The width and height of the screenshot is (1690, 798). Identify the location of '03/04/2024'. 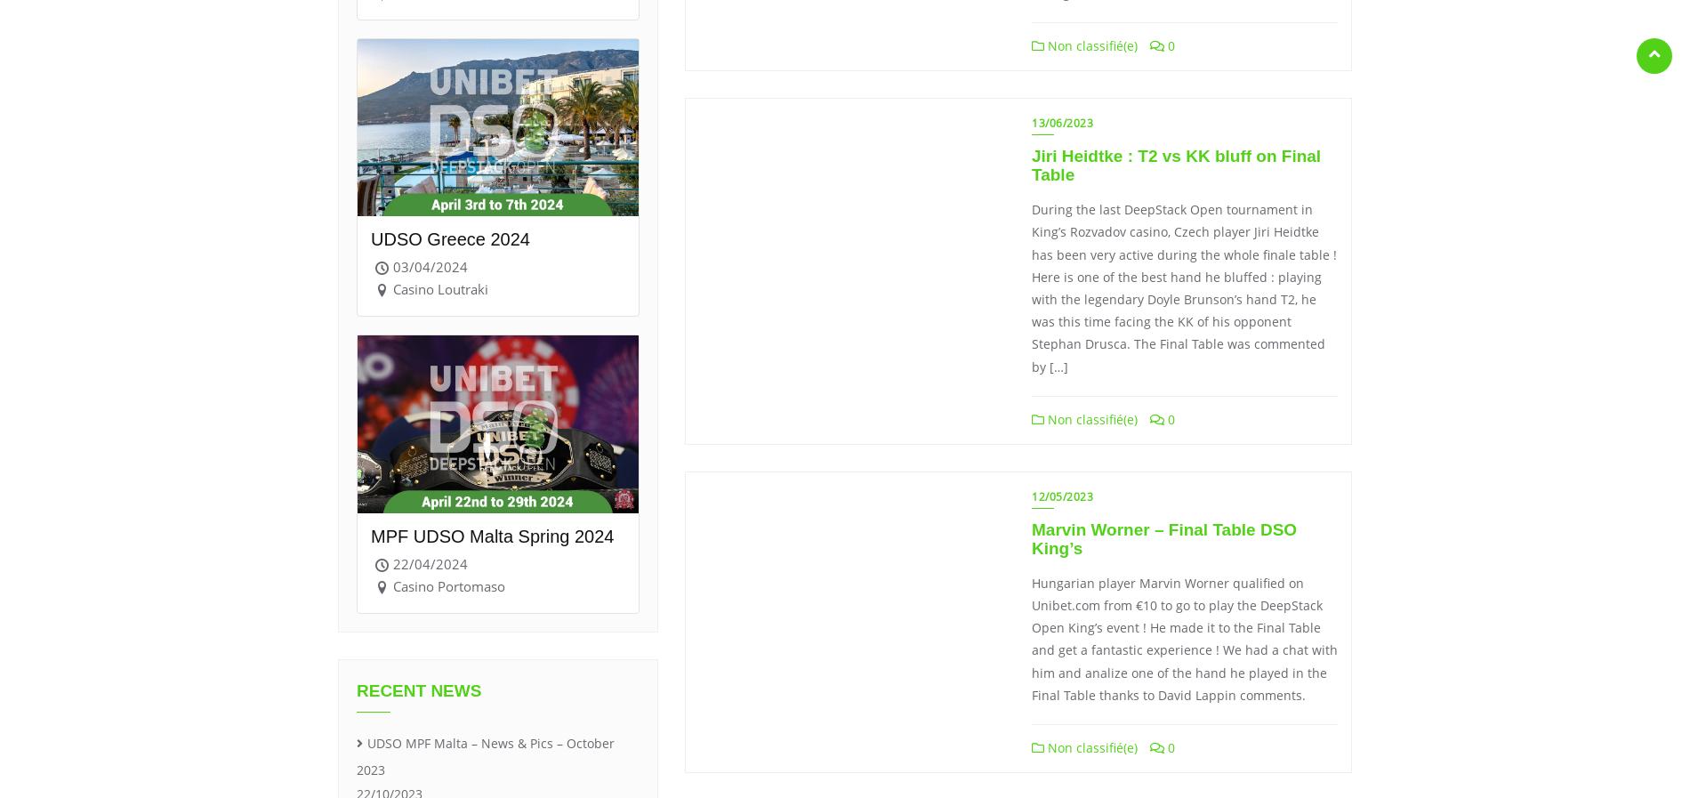
(430, 265).